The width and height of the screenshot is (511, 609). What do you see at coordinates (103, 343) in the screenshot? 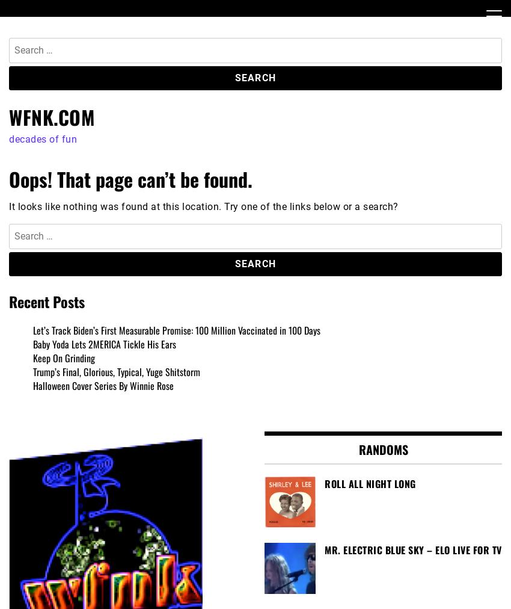
I see `'Baby Yoda Lets 2MERICA Tickle His Ears'` at bounding box center [103, 343].